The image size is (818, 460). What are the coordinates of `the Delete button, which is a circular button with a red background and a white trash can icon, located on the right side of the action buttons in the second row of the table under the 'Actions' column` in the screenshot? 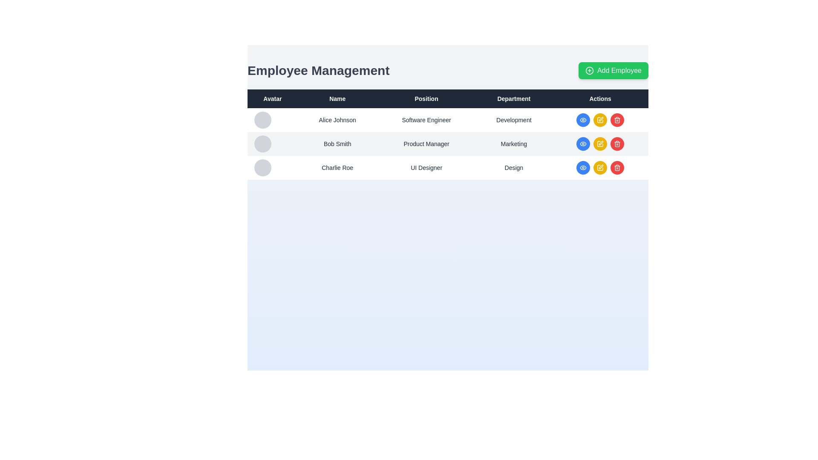 It's located at (617, 144).